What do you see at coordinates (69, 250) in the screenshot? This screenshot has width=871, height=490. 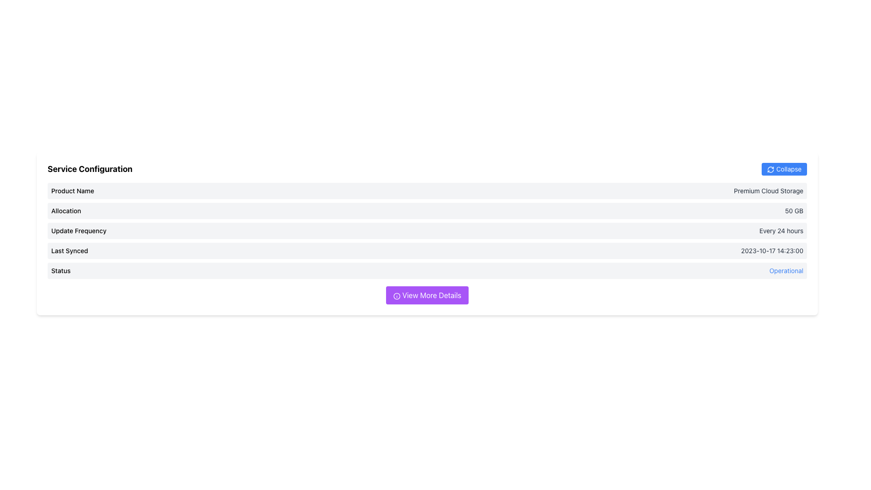 I see `the 'Last Synced' text label in the fourth row of the 'Service Configuration' section, which displays the last synchronization time` at bounding box center [69, 250].